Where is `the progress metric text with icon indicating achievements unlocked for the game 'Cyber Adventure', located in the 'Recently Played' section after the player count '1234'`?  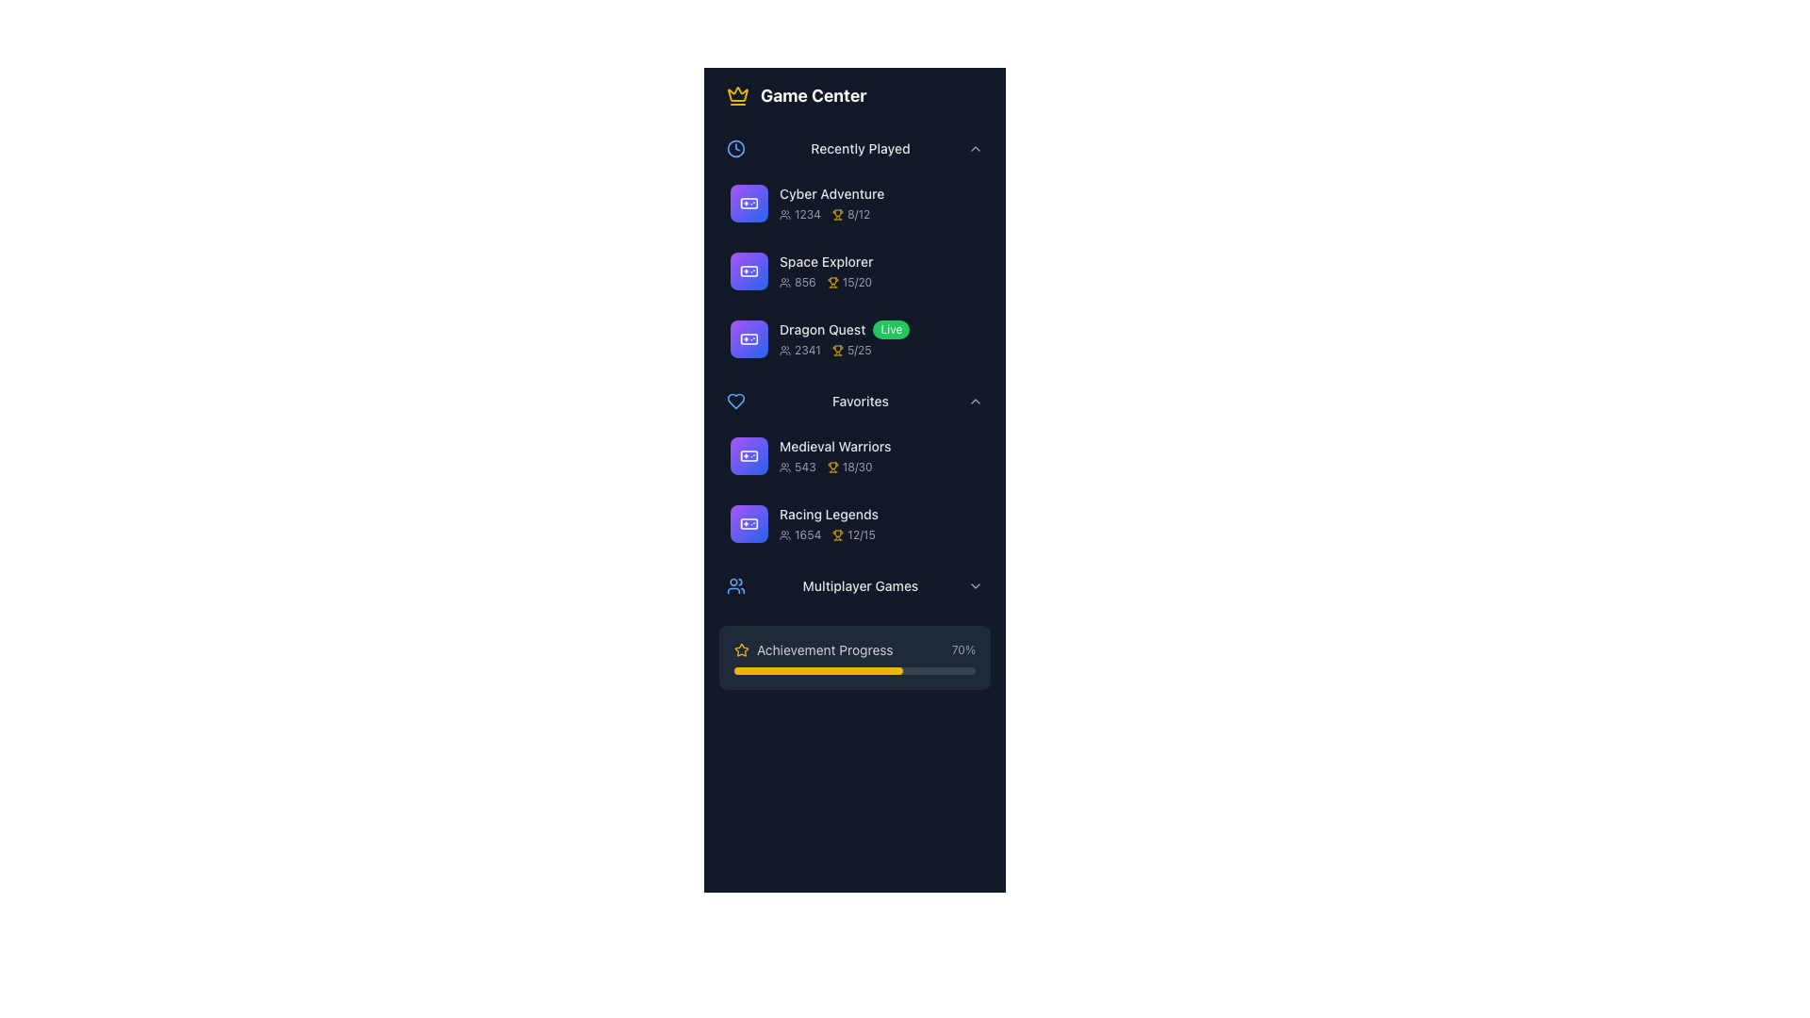
the progress metric text with icon indicating achievements unlocked for the game 'Cyber Adventure', located in the 'Recently Played' section after the player count '1234' is located at coordinates (850, 213).